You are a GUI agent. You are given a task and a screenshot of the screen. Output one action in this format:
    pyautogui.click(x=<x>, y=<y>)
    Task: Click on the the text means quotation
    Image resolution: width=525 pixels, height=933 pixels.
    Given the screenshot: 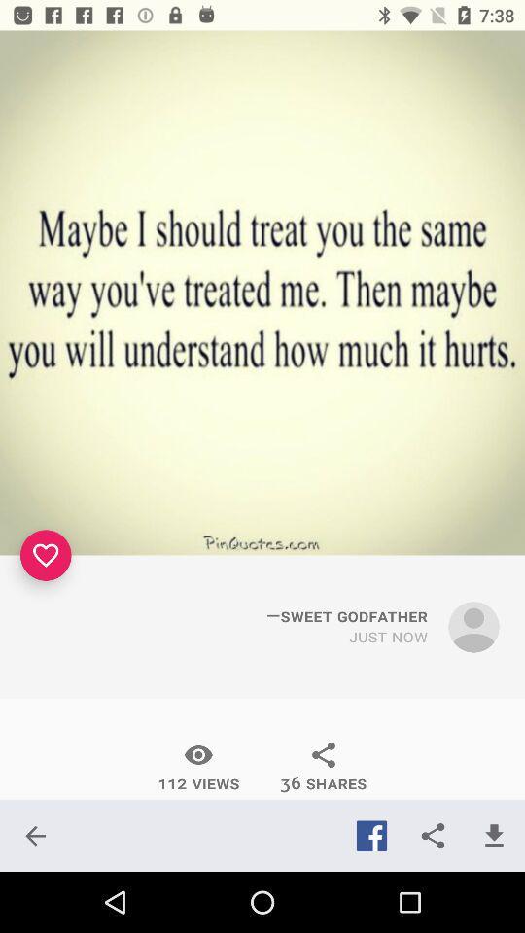 What is the action you would take?
    pyautogui.click(x=262, y=293)
    